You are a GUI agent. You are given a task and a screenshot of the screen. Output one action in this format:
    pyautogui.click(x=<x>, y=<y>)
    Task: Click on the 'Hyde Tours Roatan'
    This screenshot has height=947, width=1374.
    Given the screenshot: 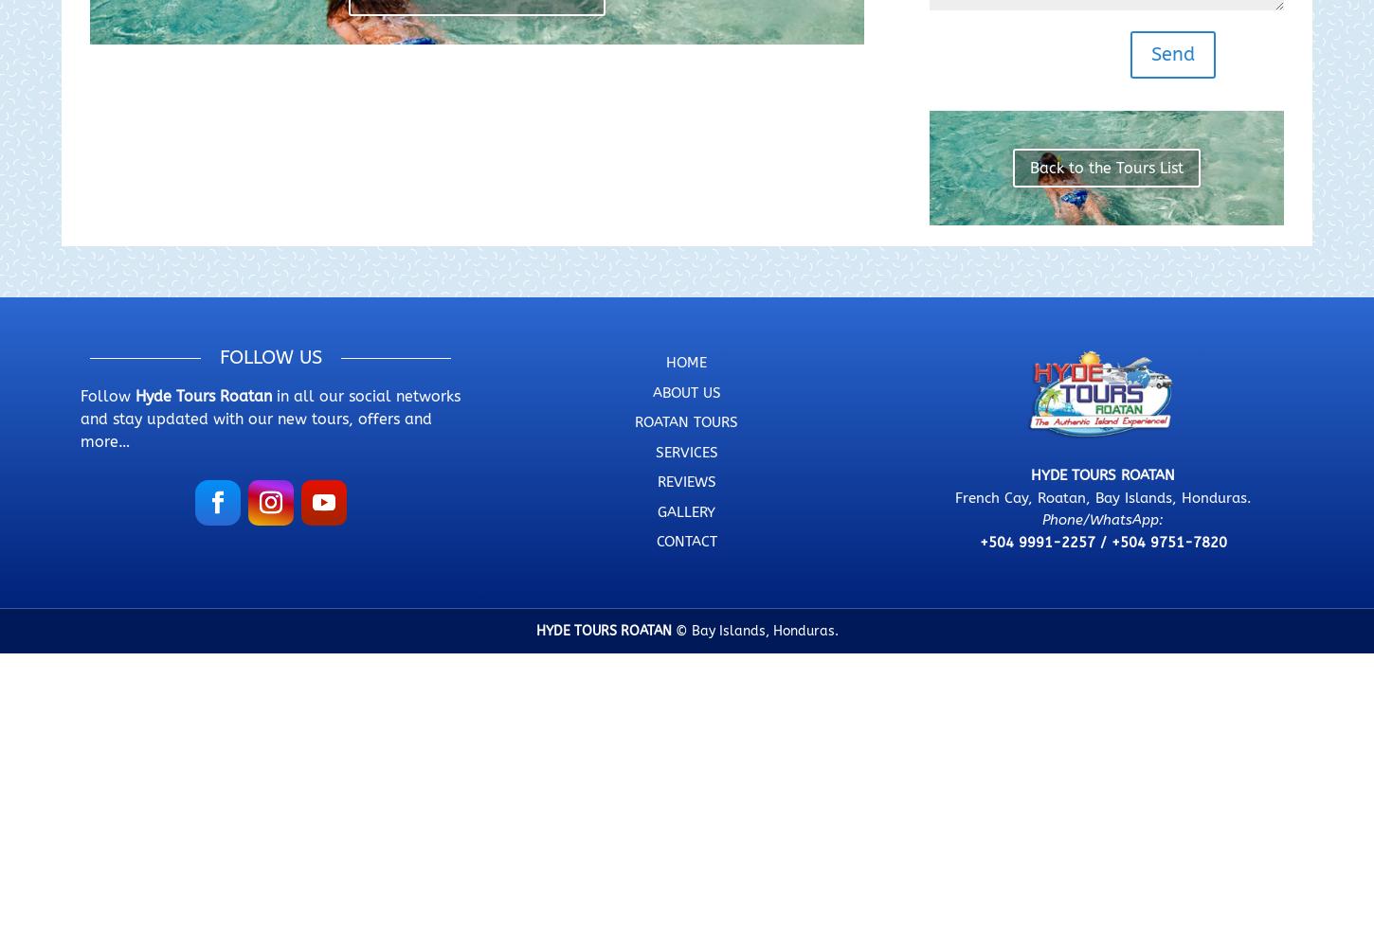 What is the action you would take?
    pyautogui.click(x=203, y=396)
    